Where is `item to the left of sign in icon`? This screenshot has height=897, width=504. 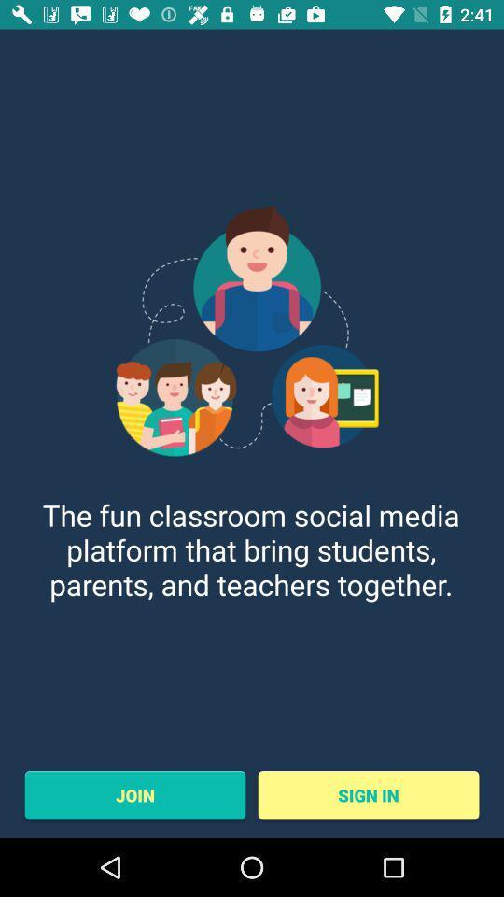
item to the left of sign in icon is located at coordinates (133, 794).